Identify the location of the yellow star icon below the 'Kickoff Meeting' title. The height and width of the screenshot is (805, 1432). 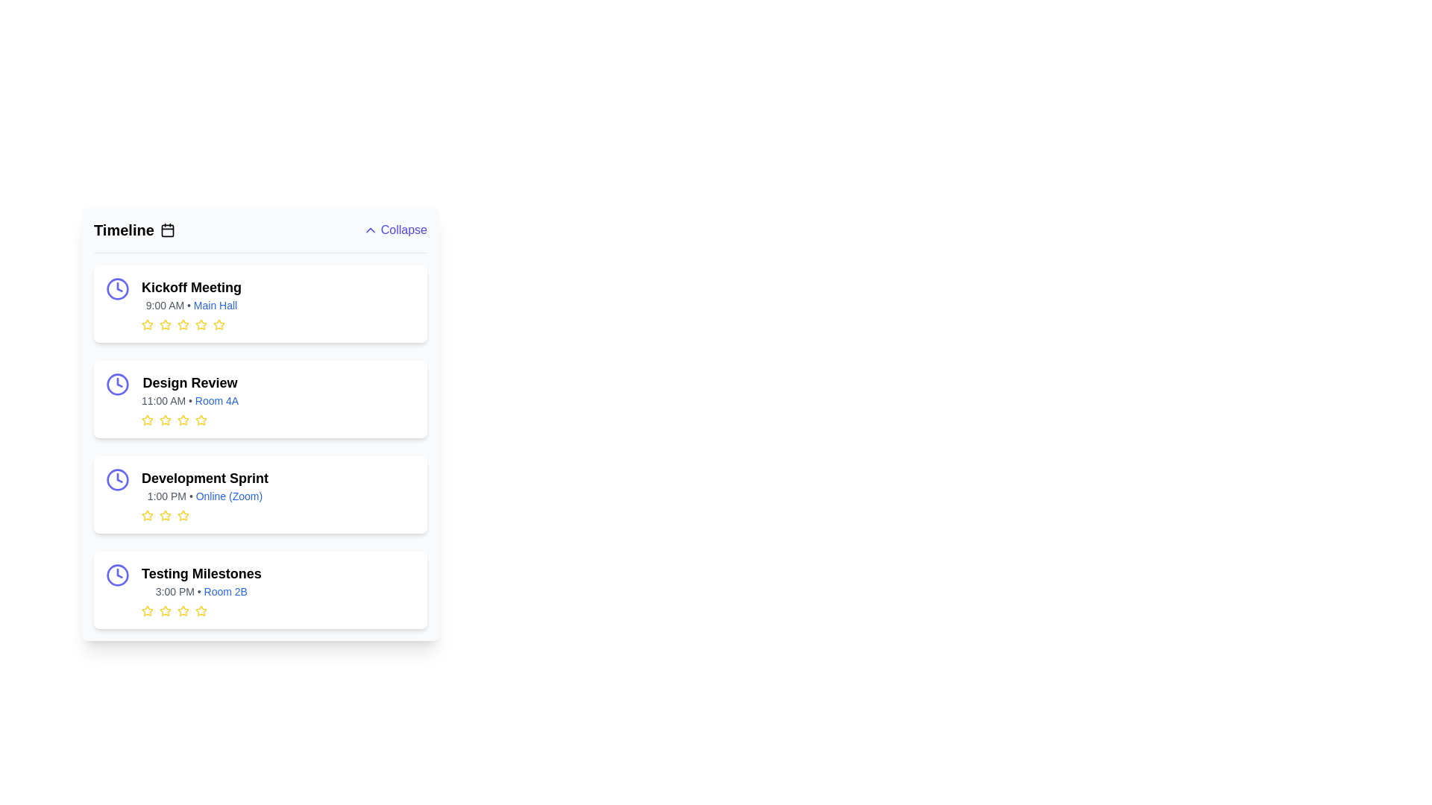
(218, 323).